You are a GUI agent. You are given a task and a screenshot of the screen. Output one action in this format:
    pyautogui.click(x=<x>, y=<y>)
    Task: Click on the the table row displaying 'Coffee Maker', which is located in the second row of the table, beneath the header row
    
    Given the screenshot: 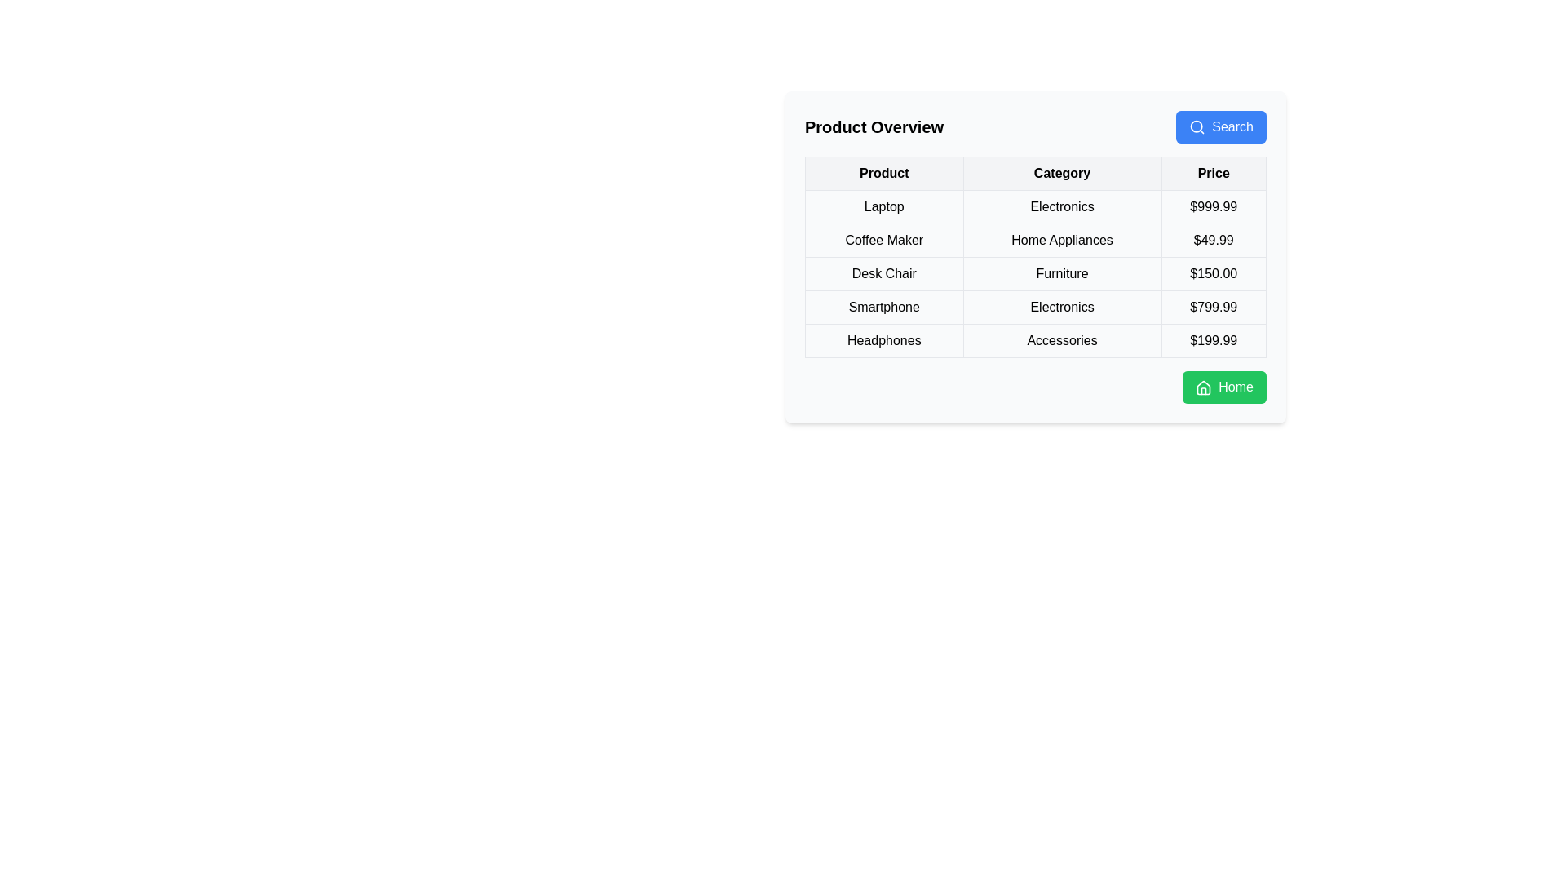 What is the action you would take?
    pyautogui.click(x=1035, y=240)
    